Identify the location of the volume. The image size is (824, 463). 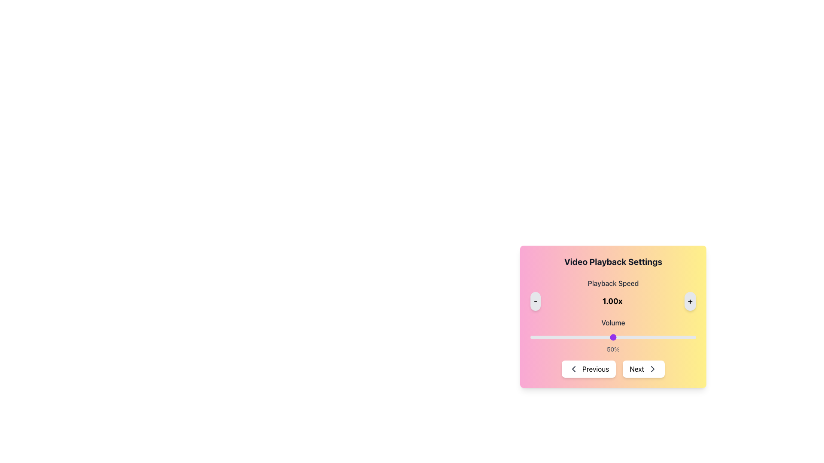
(572, 337).